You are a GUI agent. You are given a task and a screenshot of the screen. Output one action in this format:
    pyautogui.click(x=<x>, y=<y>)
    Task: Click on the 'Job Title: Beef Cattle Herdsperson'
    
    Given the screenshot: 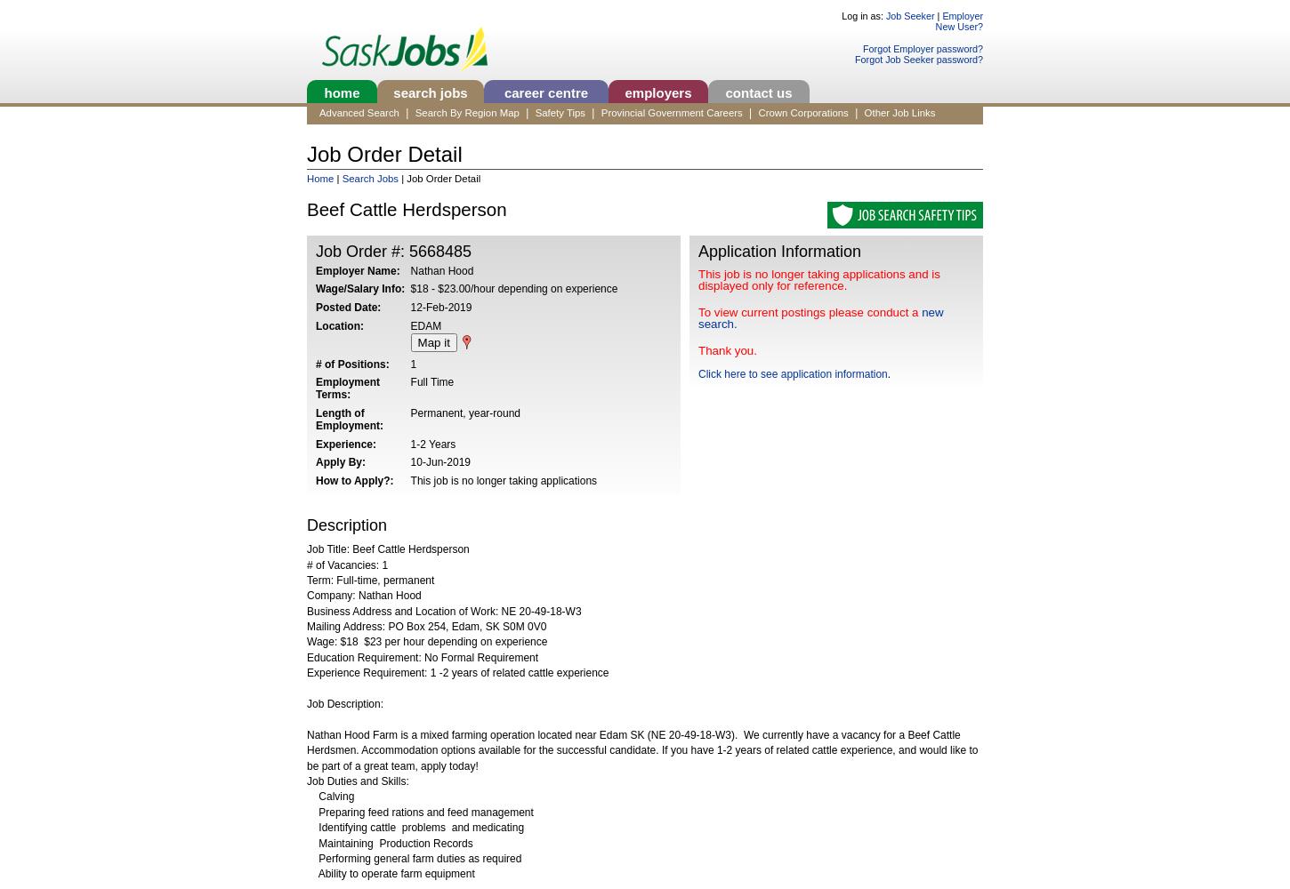 What is the action you would take?
    pyautogui.click(x=387, y=549)
    